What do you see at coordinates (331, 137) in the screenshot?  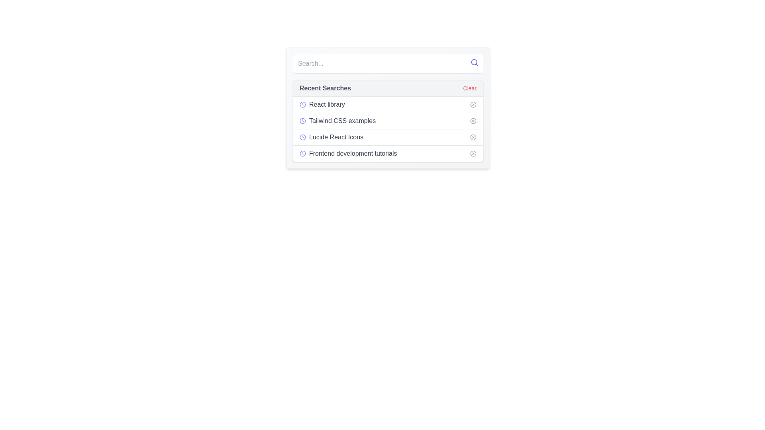 I see `the clock icon associated with the 'Lucide React Icons' search history item for additional information or actions` at bounding box center [331, 137].